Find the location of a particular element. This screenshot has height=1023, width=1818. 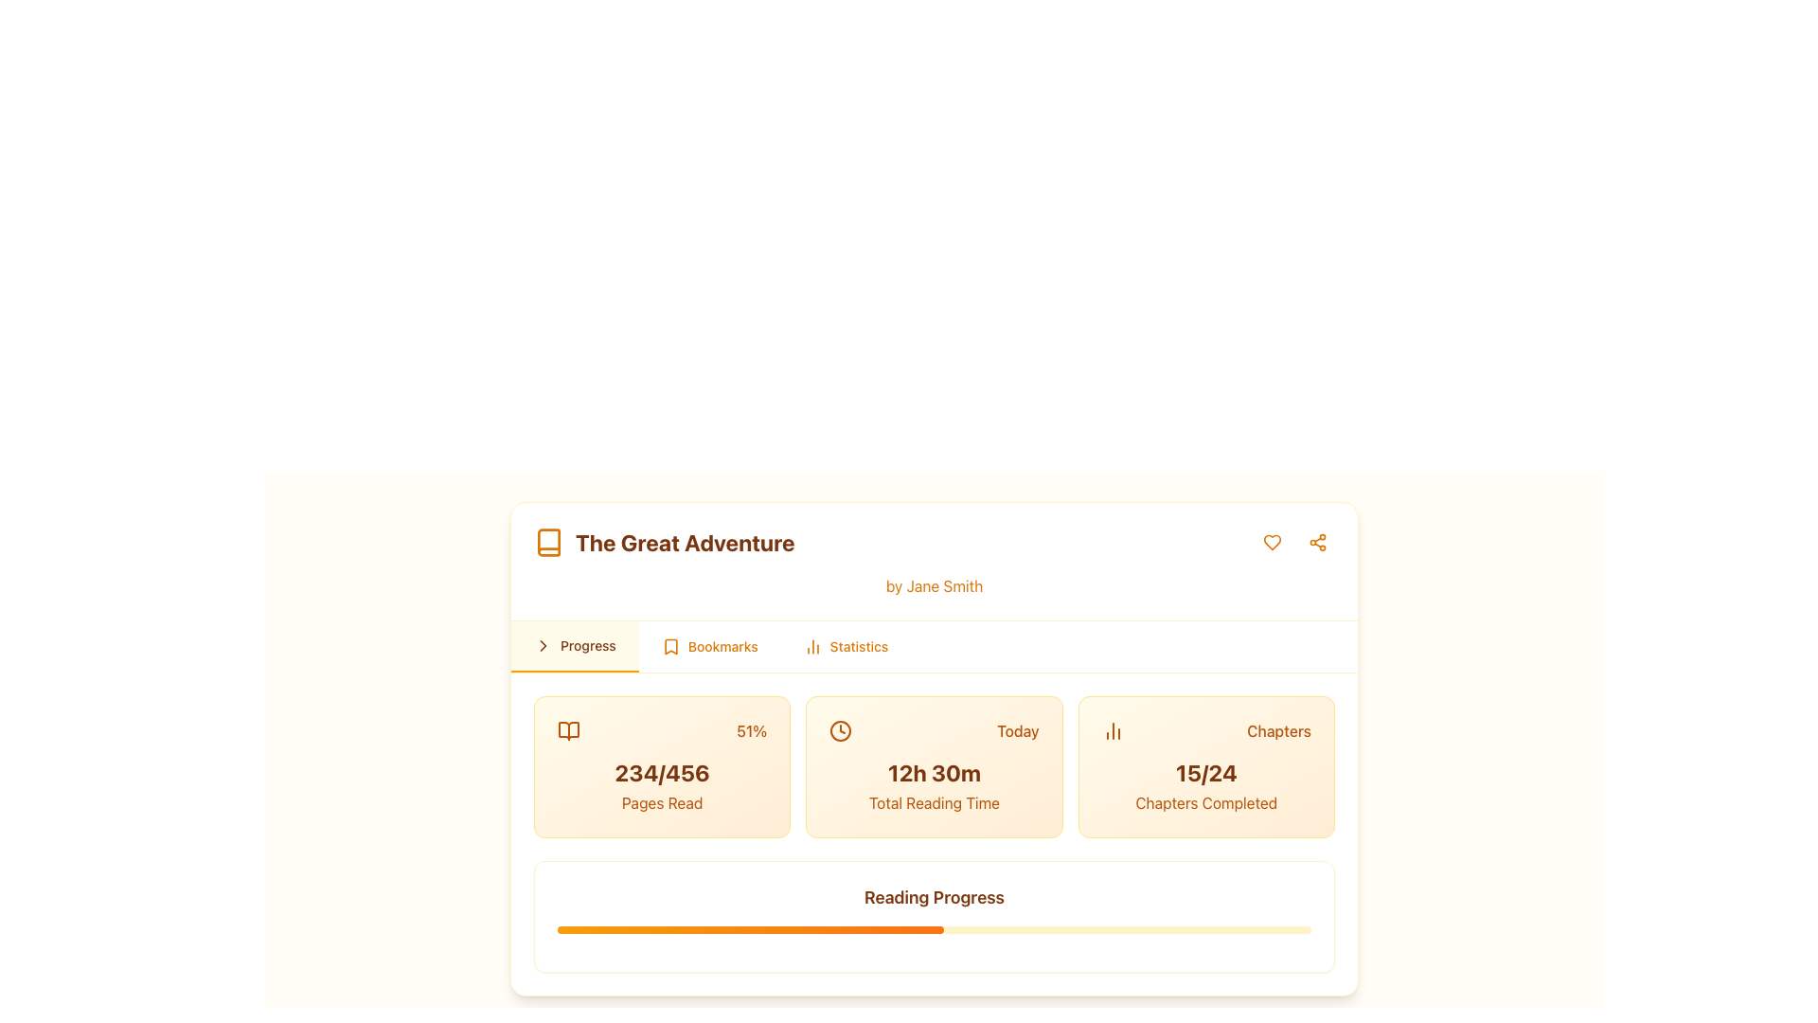

the 'Bookmarks' button in the horizontal navigation bar is located at coordinates (708, 645).